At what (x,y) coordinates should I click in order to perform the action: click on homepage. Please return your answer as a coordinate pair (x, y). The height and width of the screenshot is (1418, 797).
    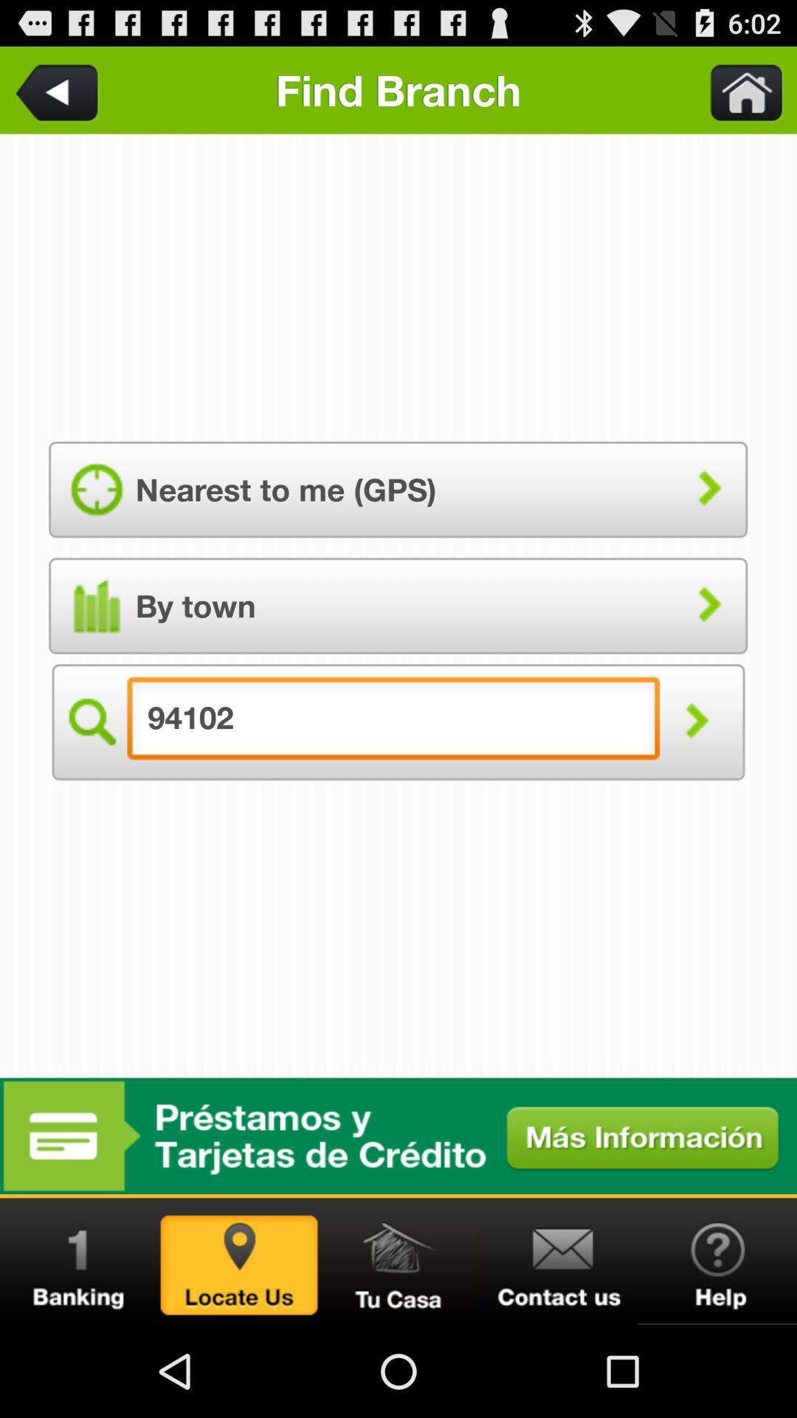
    Looking at the image, I should click on (398, 1261).